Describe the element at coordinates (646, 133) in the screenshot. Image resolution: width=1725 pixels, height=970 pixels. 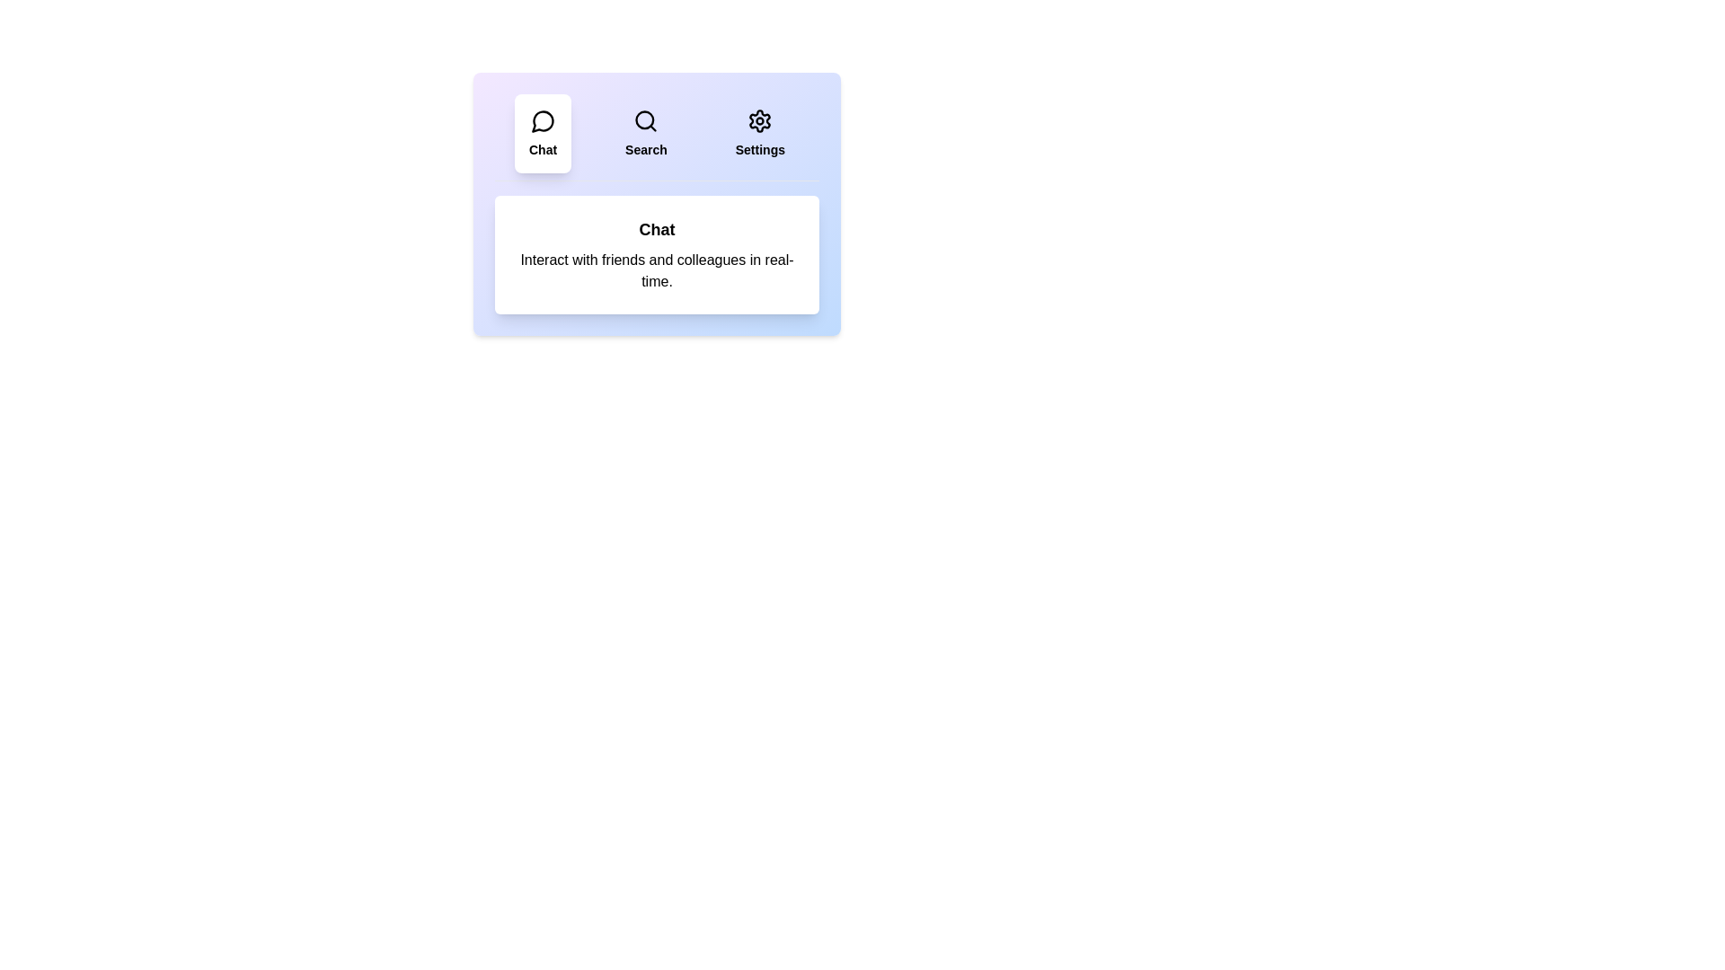
I see `the Search tab by clicking on it` at that location.